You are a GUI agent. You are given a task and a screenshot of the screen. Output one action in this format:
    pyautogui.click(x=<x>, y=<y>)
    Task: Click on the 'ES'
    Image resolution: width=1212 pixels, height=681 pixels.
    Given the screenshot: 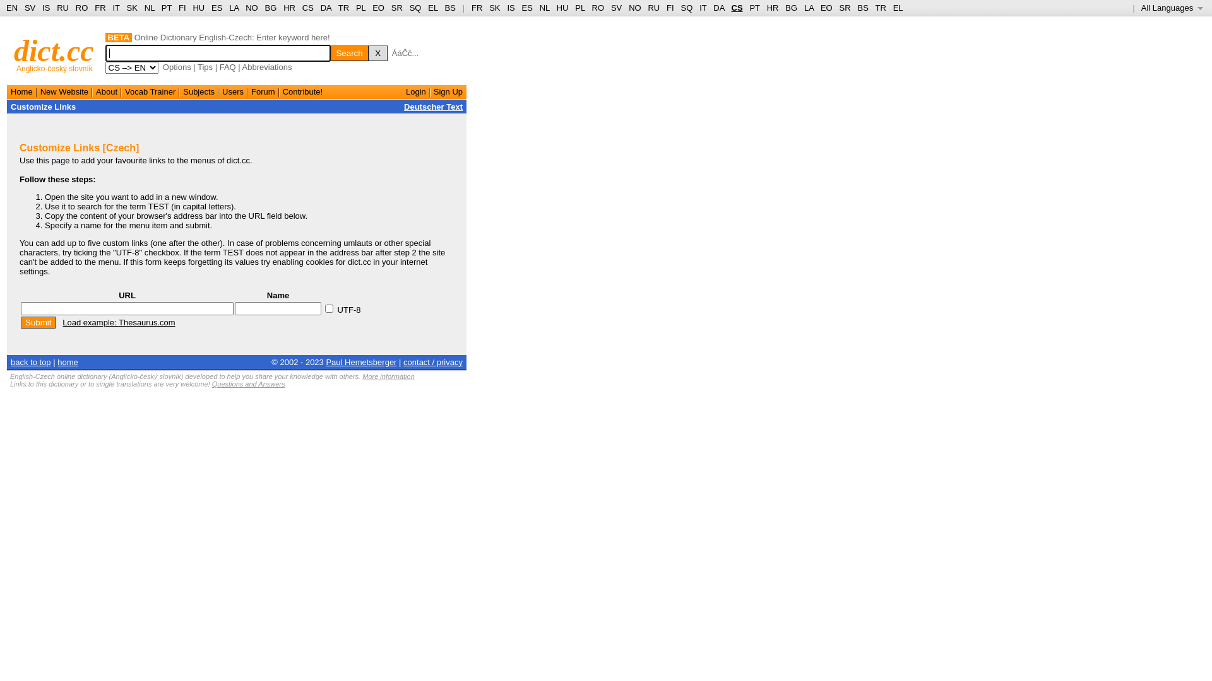 What is the action you would take?
    pyautogui.click(x=527, y=8)
    